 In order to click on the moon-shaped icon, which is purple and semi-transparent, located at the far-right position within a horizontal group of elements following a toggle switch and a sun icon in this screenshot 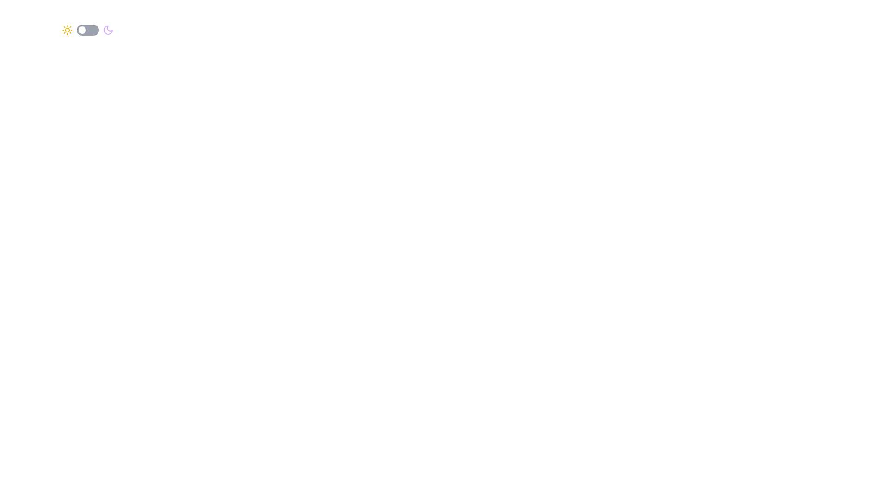, I will do `click(108, 30)`.